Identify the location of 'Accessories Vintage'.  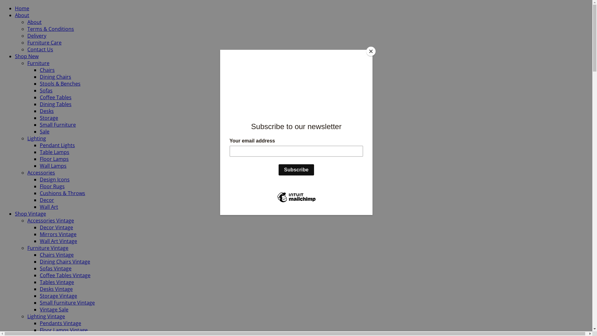
(51, 220).